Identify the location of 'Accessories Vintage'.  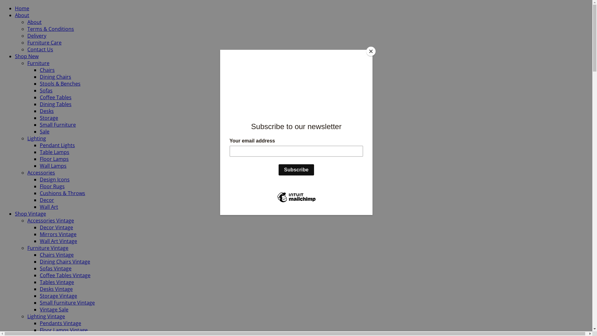
(51, 220).